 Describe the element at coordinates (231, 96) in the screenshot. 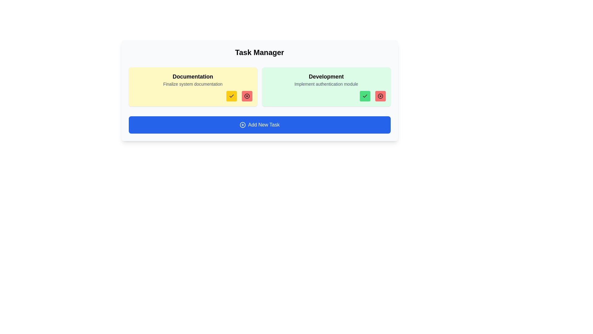

I see `the confirmation button located in the bottom right of the 'Documentation' task card to confirm the task completion` at that location.